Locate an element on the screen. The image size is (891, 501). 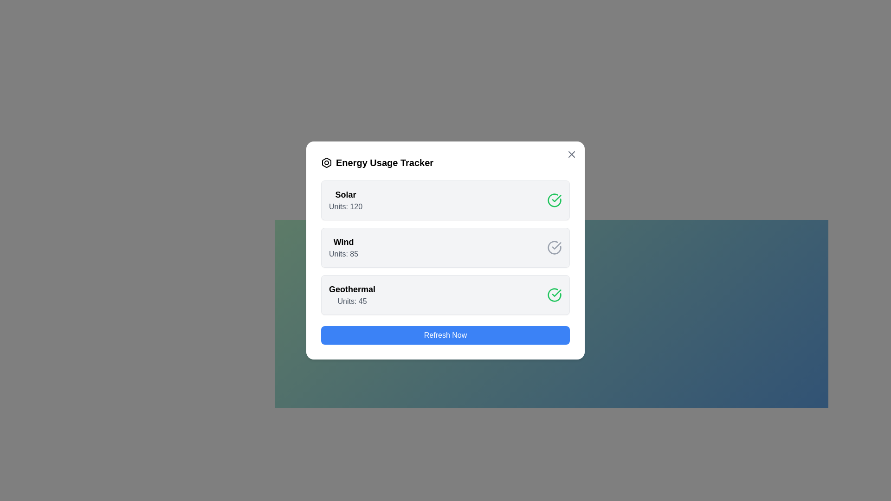
the bold text label reading 'Geothermal' located in the lower third of the 'Energy Usage Tracker' modal, below the labels 'Solar' and 'Wind' is located at coordinates (351, 289).